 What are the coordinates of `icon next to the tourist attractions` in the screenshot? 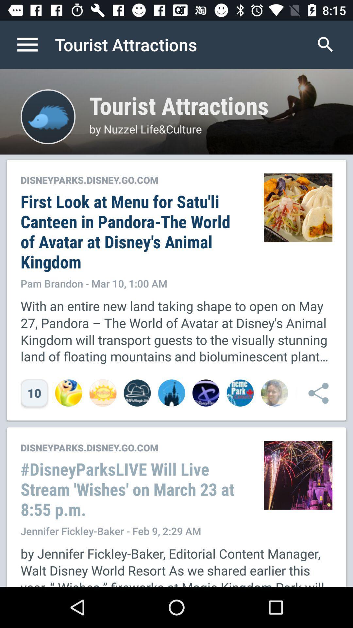 It's located at (325, 44).